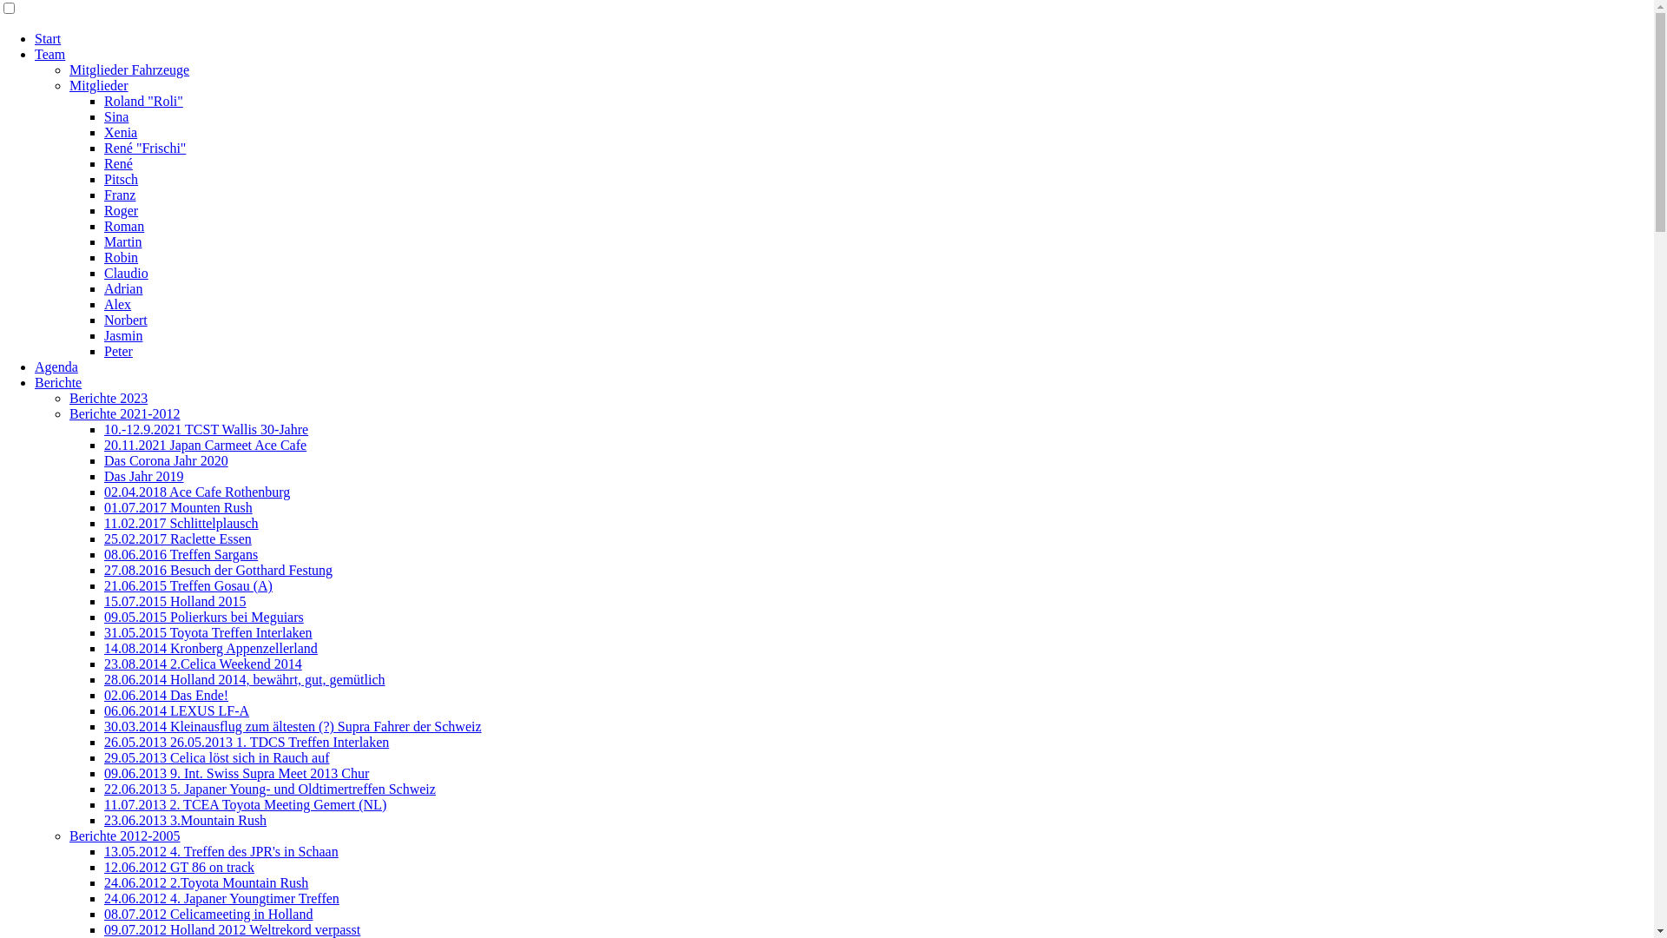  Describe the element at coordinates (124, 835) in the screenshot. I see `'Berichte 2012-2005'` at that location.